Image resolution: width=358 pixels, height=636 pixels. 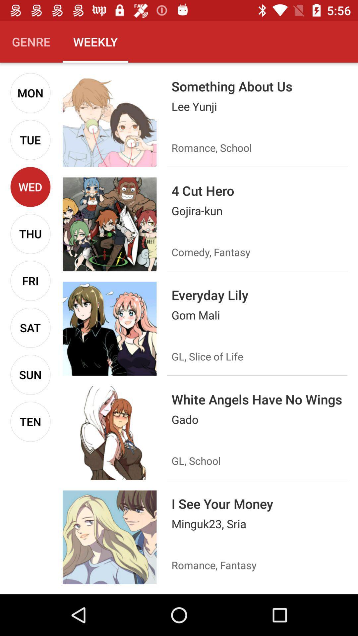 I want to click on tue icon, so click(x=30, y=139).